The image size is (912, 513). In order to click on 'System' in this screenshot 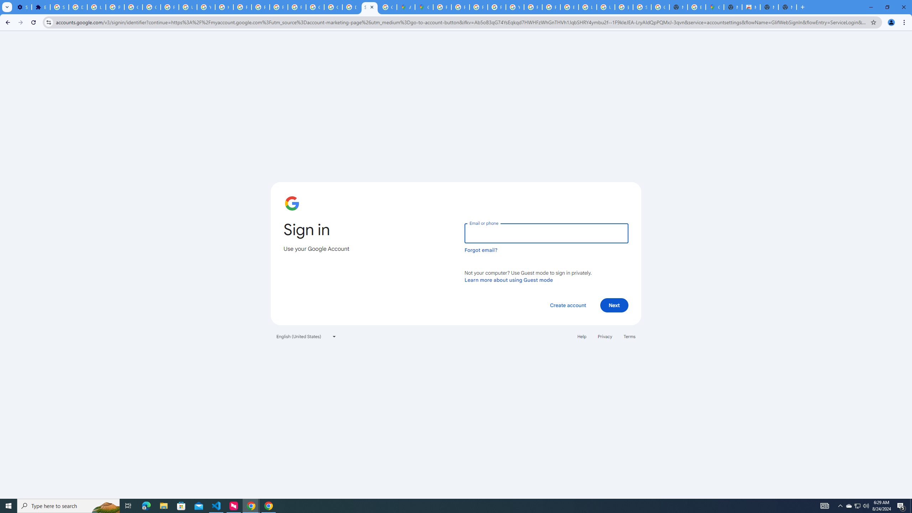, I will do `click(4, 3)`.